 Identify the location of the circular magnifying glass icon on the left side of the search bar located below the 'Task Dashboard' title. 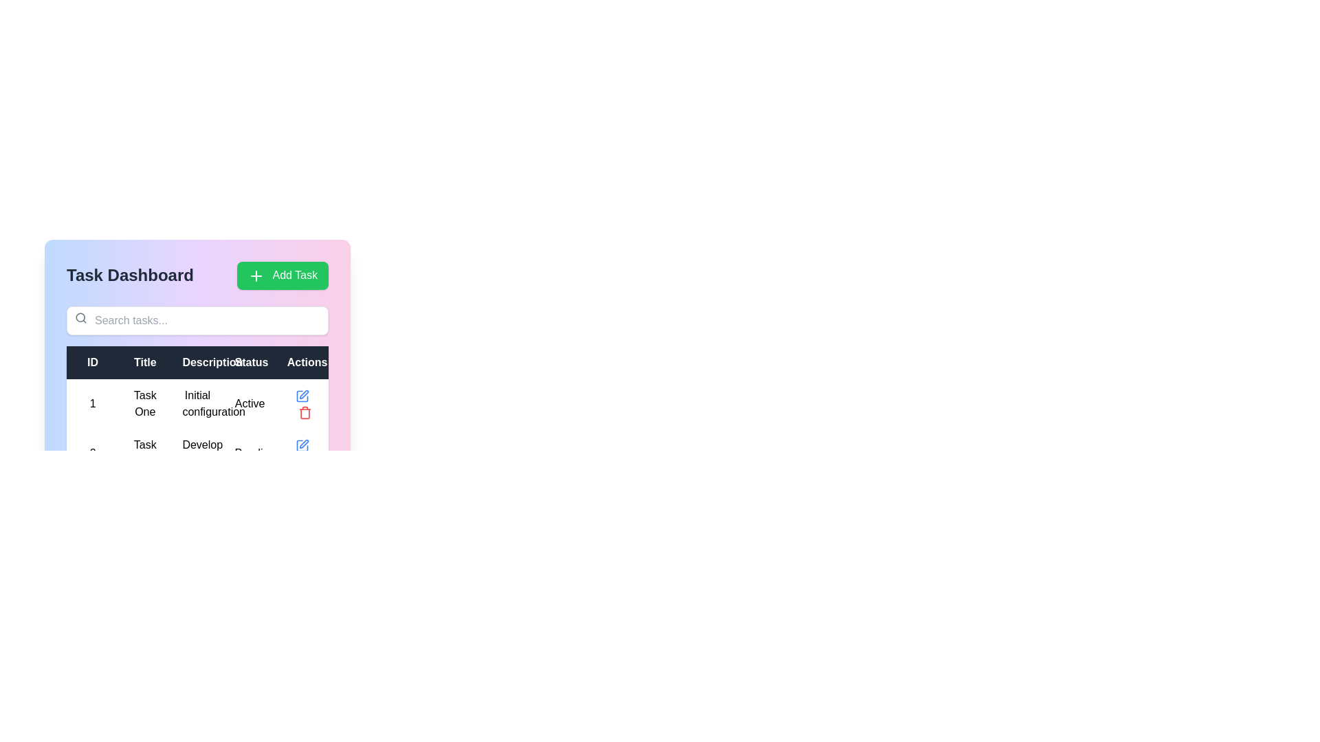
(80, 317).